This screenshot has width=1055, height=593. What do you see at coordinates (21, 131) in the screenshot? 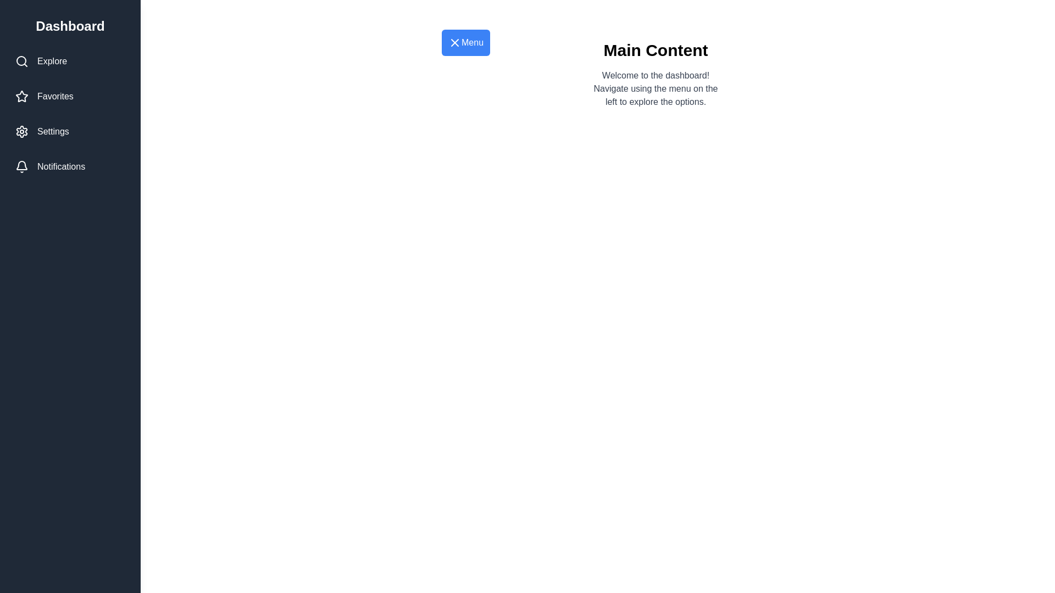
I see `the settings icon located in the sidebar` at bounding box center [21, 131].